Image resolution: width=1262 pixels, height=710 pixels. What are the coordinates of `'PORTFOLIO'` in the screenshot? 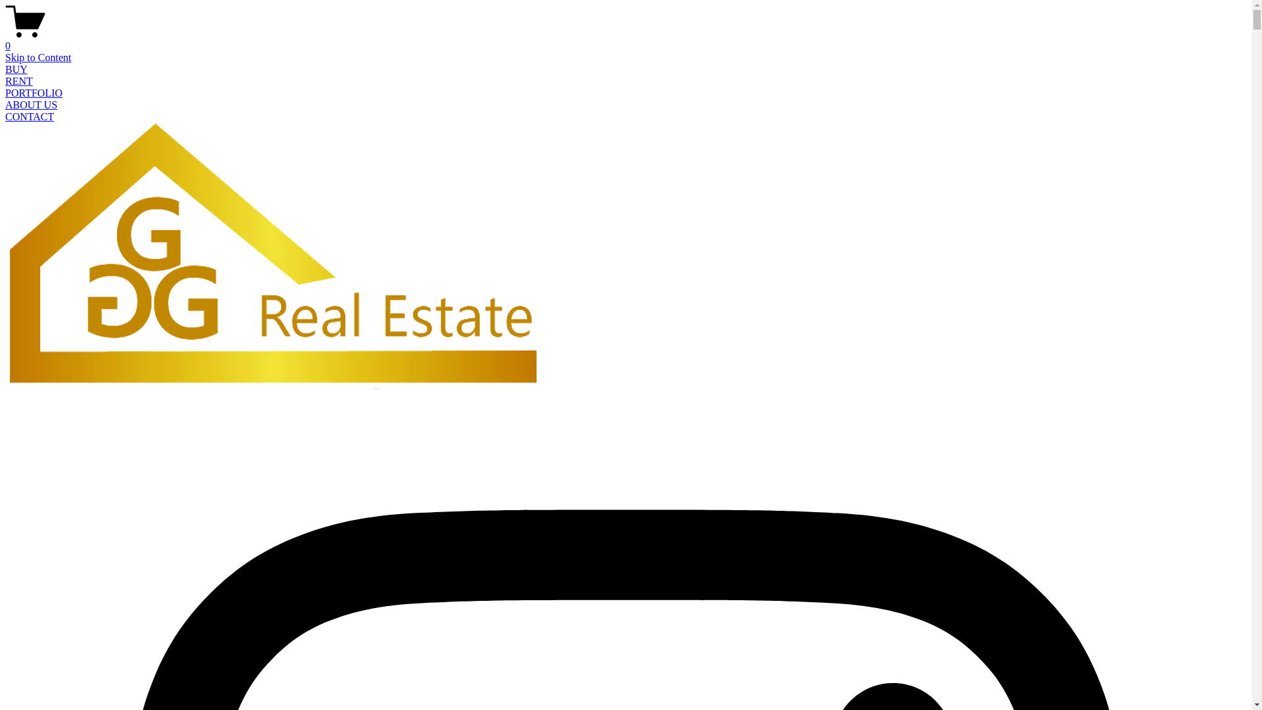 It's located at (34, 92).